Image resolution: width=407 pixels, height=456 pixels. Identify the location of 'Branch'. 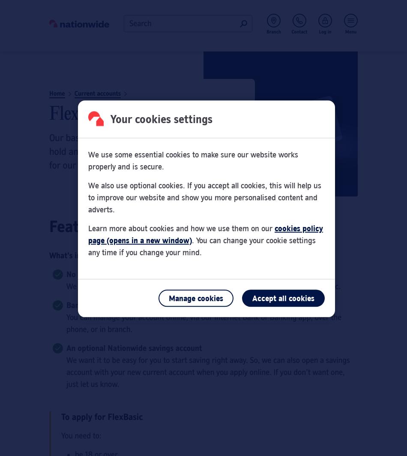
(266, 31).